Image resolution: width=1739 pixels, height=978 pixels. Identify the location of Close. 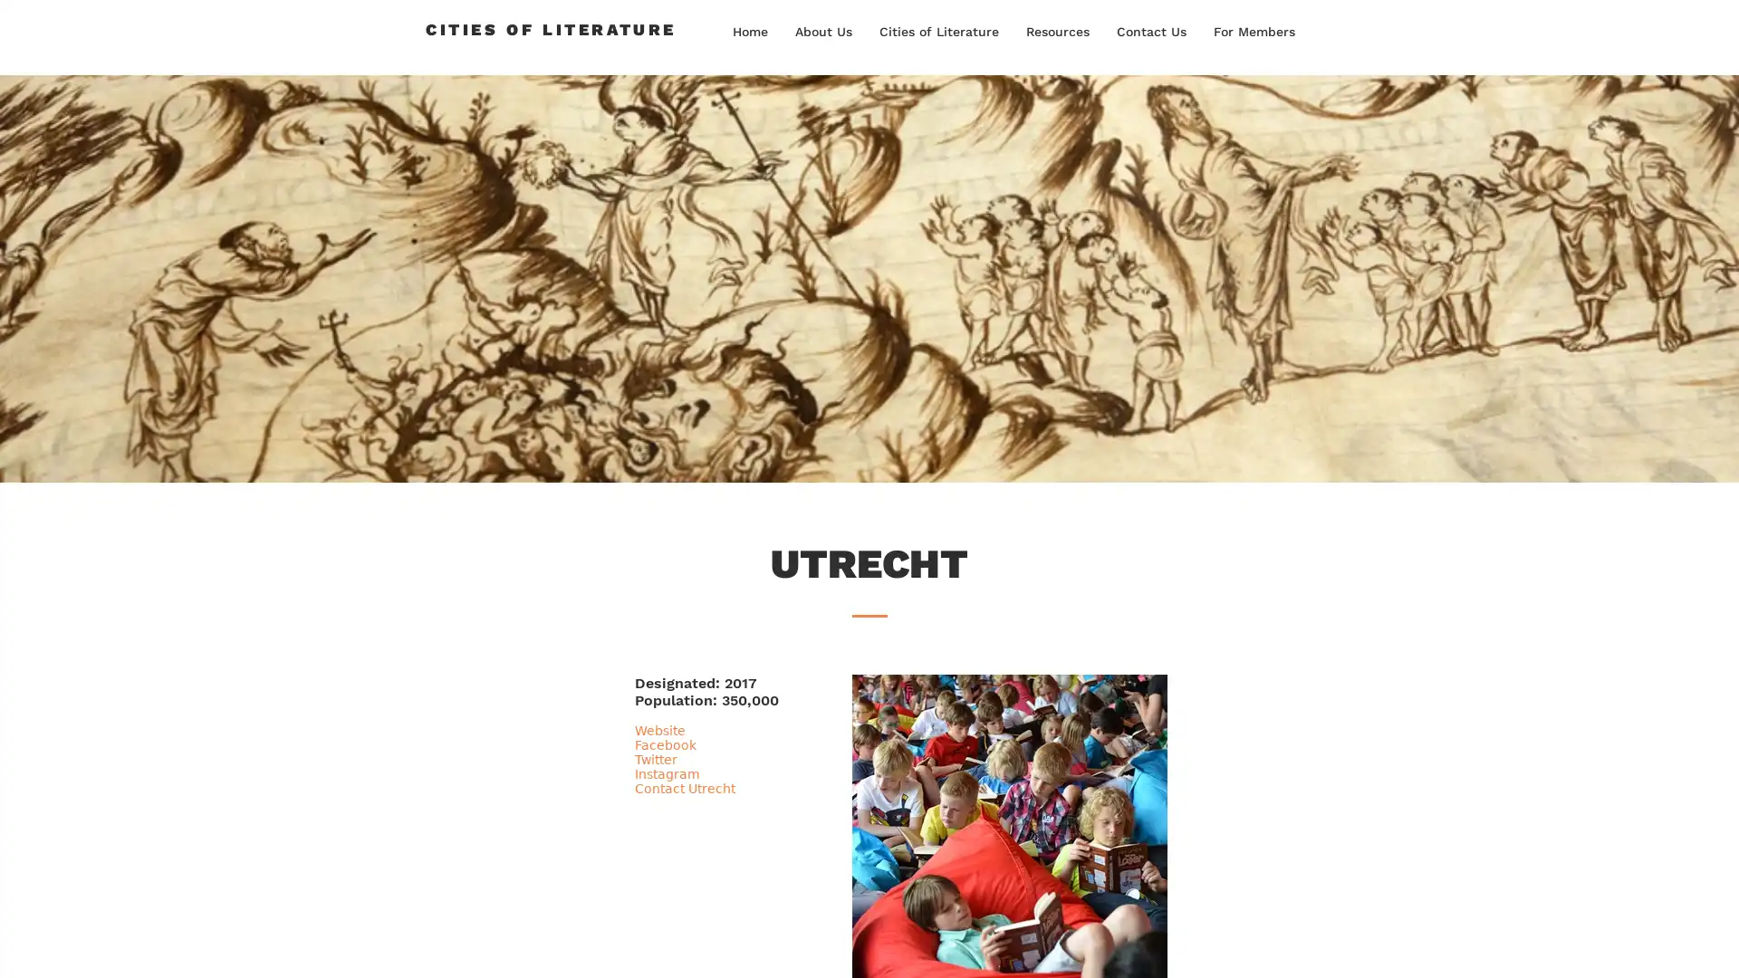
(1716, 945).